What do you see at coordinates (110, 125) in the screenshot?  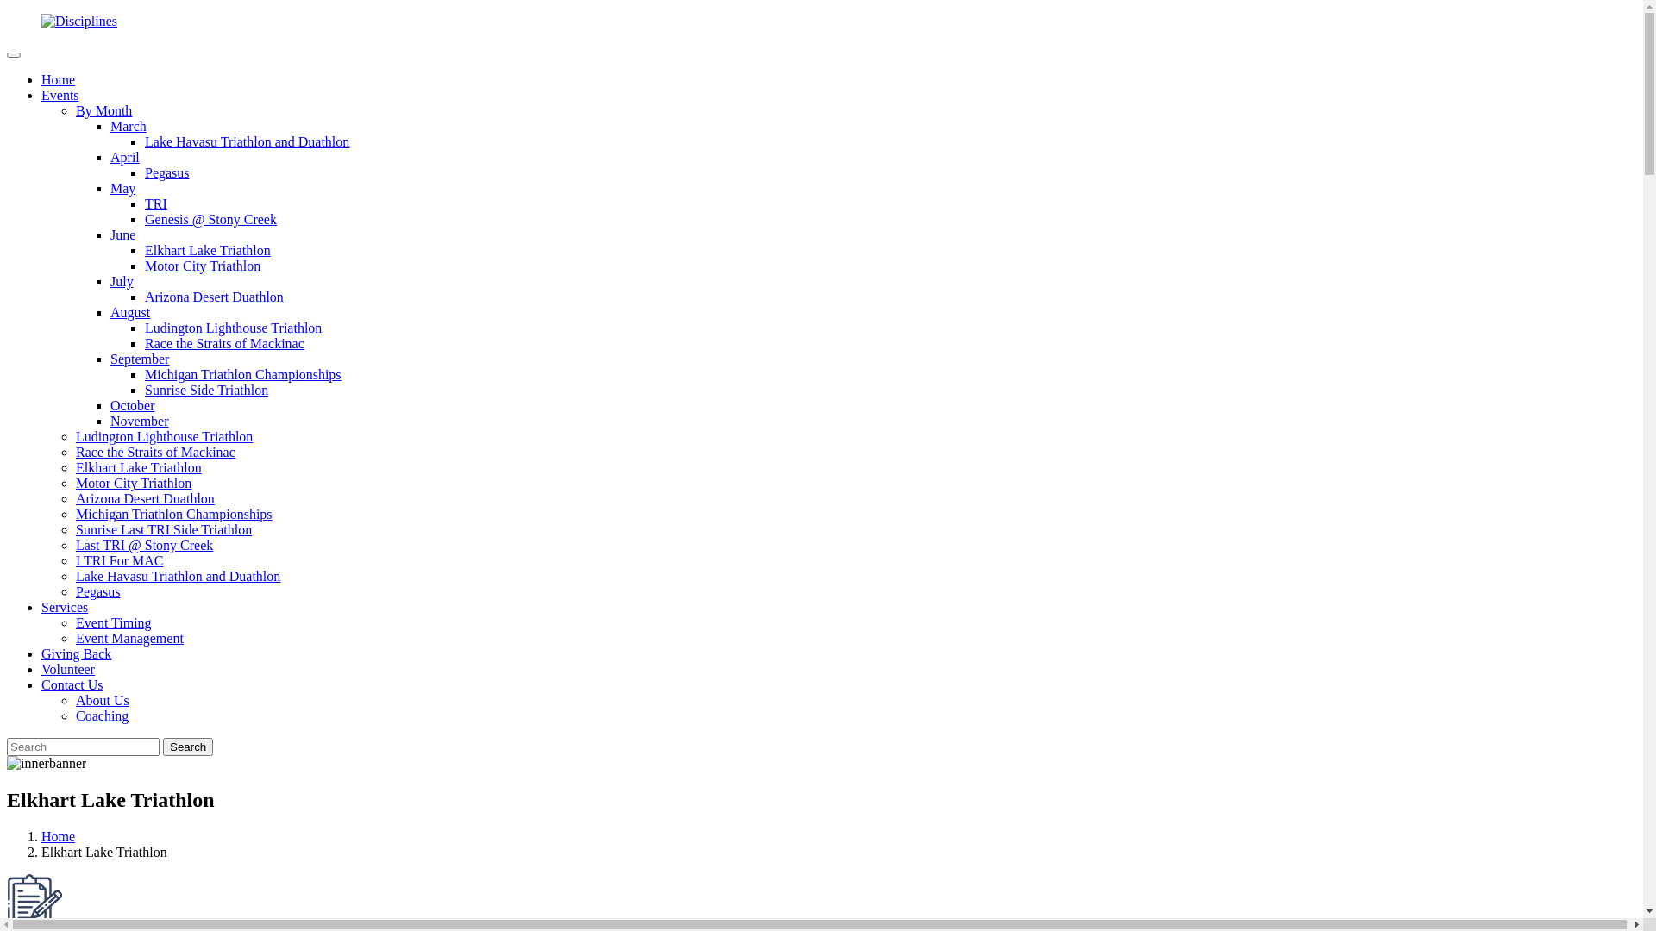 I see `'March'` at bounding box center [110, 125].